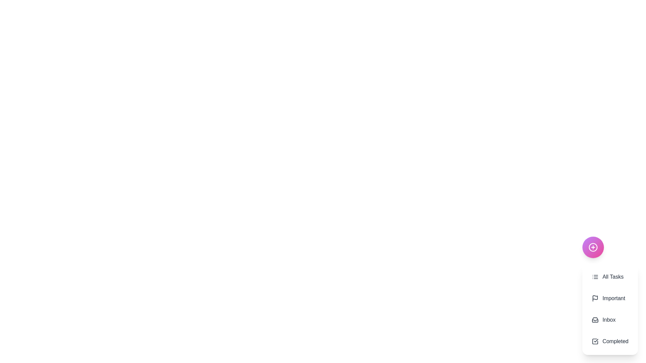 The height and width of the screenshot is (363, 646). I want to click on the action category Important from the menu, so click(610, 298).